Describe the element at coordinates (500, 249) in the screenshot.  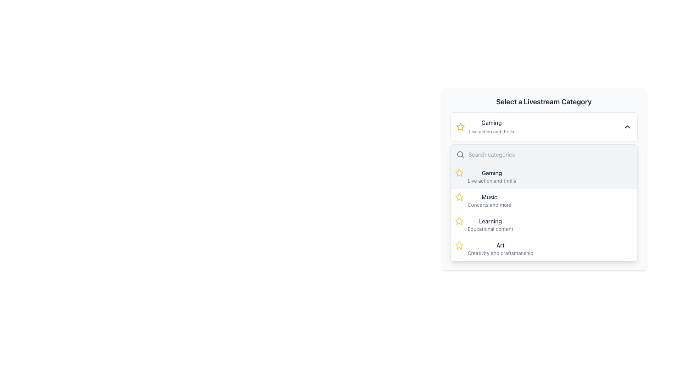
I see `the 'Art' text display, which features the bold 'Art' in dark gray and the smaller 'Creativity and craftsmanship' below it` at that location.